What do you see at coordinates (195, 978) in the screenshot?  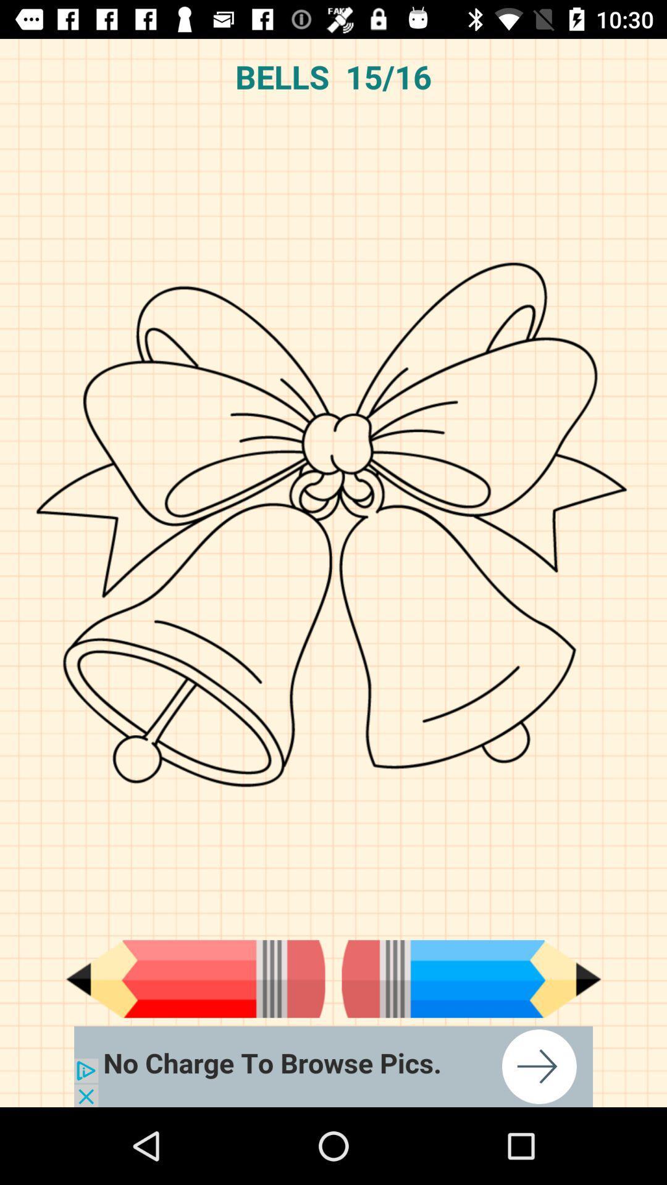 I see `pen` at bounding box center [195, 978].